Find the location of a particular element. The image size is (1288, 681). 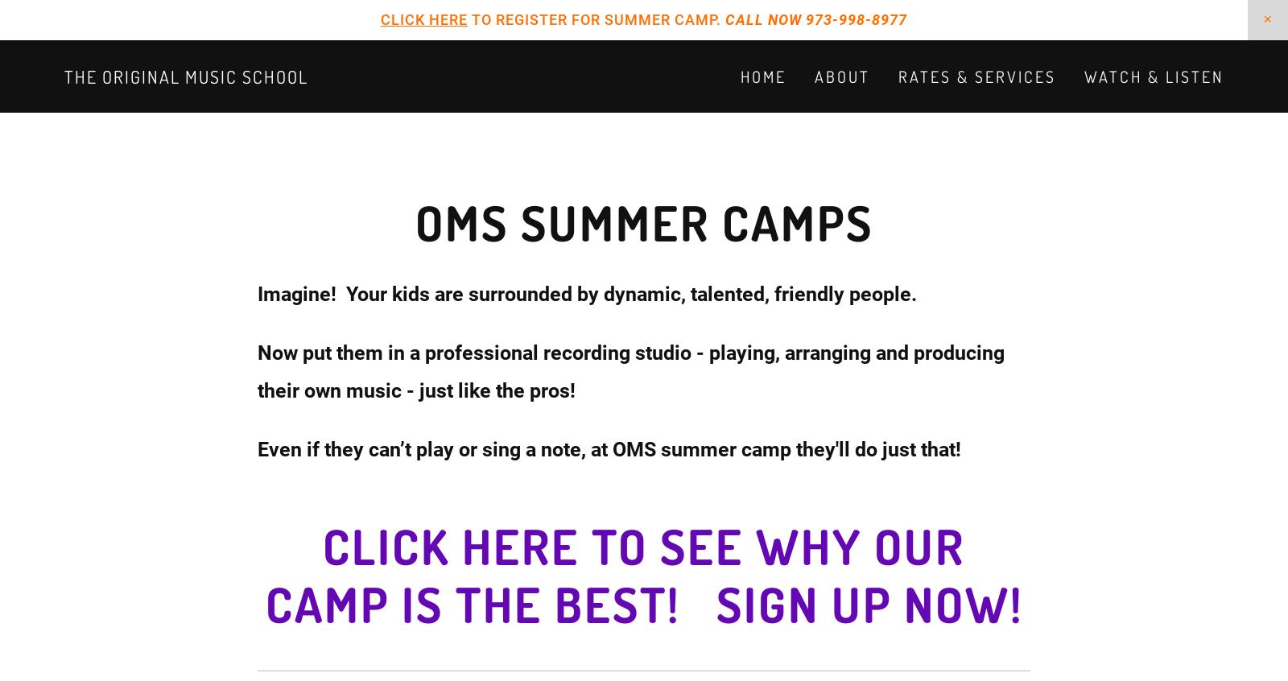

'ABOUT' is located at coordinates (842, 76).